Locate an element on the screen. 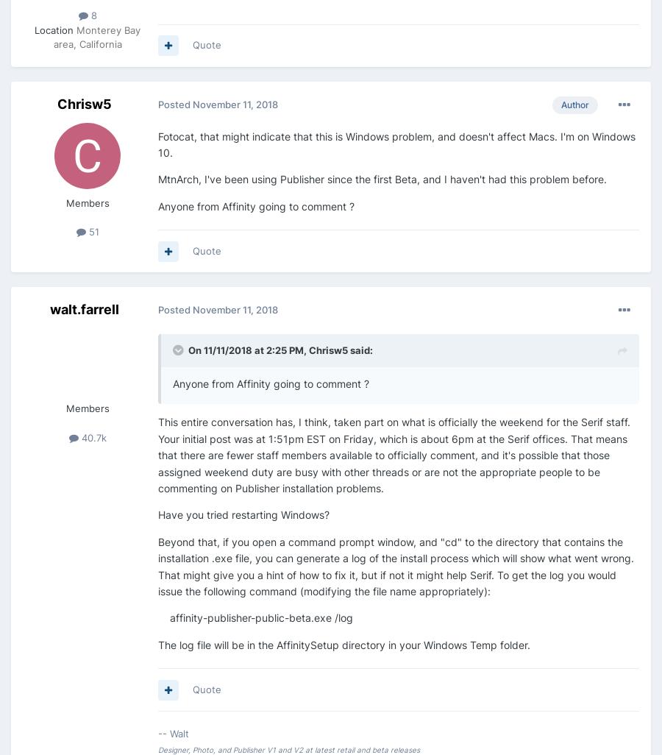  '40.7k' is located at coordinates (92, 436).